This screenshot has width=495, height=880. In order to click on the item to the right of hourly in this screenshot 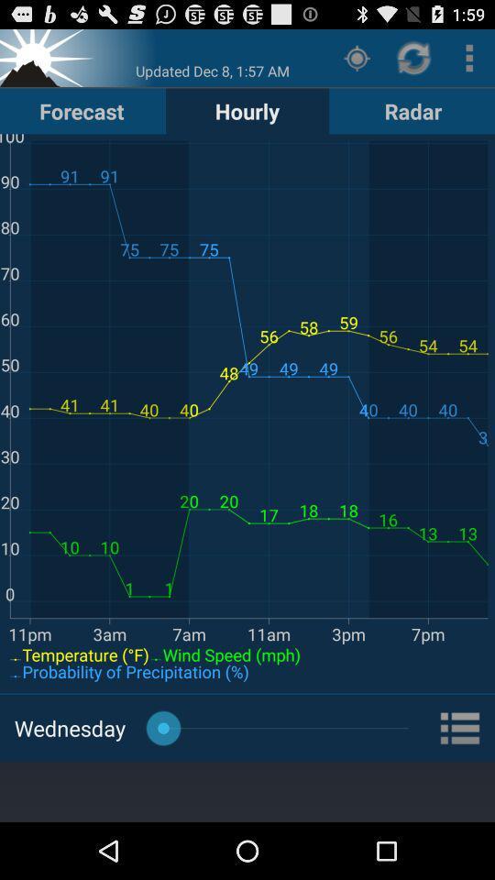, I will do `click(357, 57)`.